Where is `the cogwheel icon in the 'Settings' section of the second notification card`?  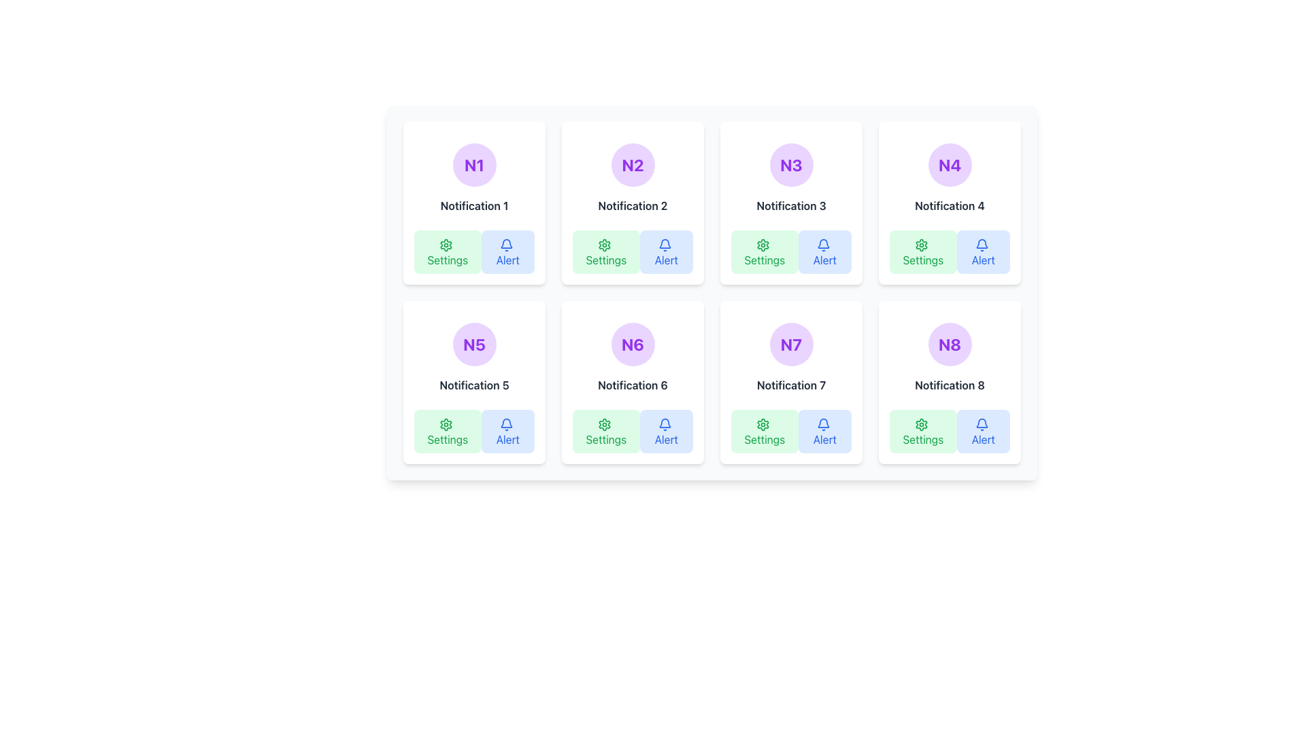 the cogwheel icon in the 'Settings' section of the second notification card is located at coordinates (604, 245).